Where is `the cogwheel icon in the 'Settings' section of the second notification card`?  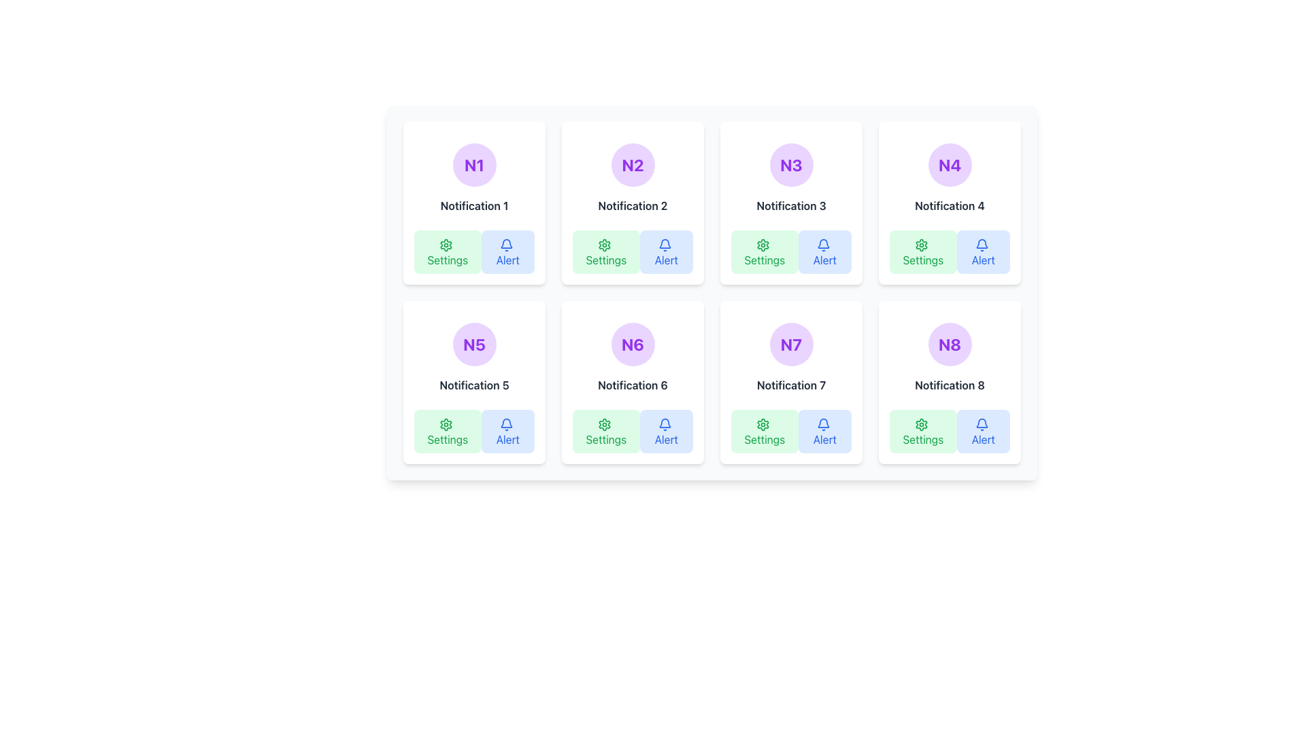 the cogwheel icon in the 'Settings' section of the second notification card is located at coordinates (604, 245).